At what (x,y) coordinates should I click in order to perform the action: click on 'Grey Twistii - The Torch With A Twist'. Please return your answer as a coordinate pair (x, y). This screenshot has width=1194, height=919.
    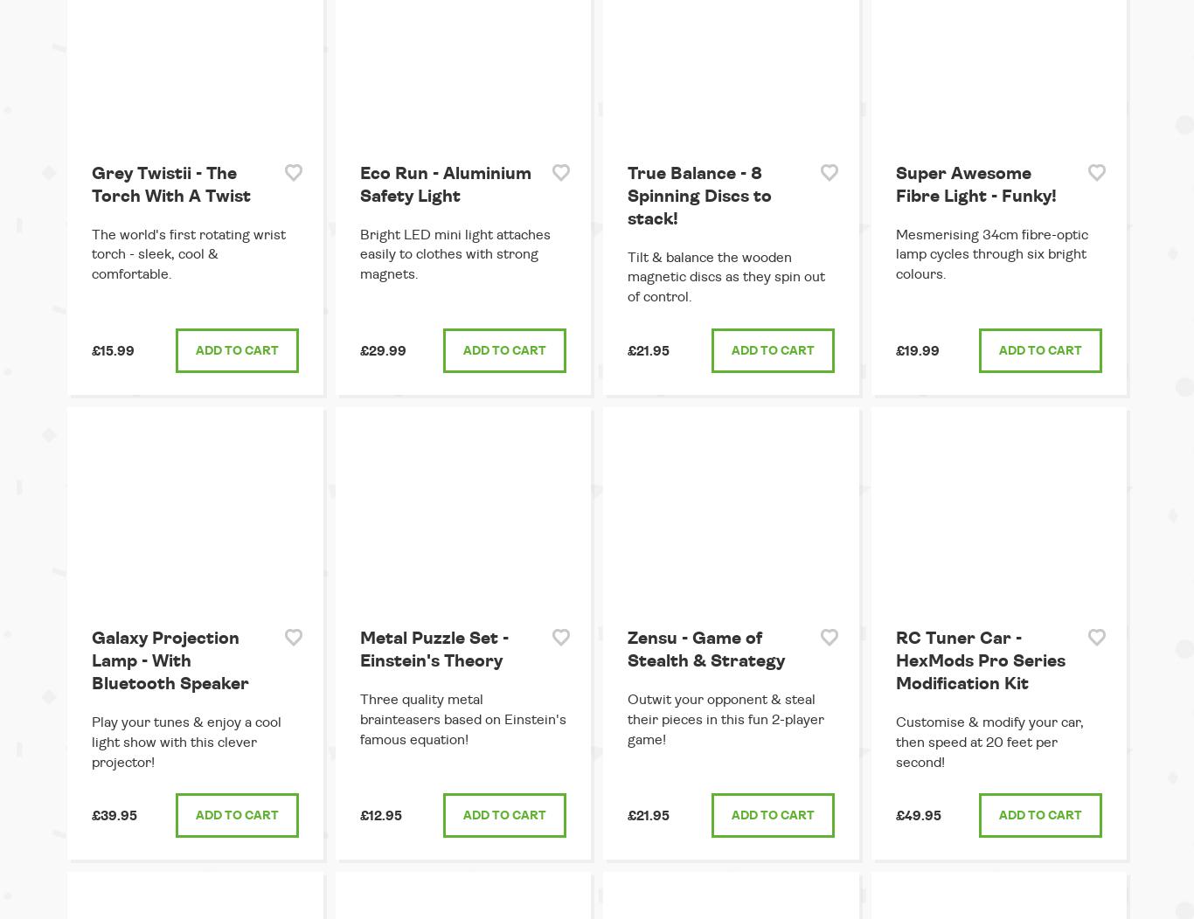
    Looking at the image, I should click on (170, 184).